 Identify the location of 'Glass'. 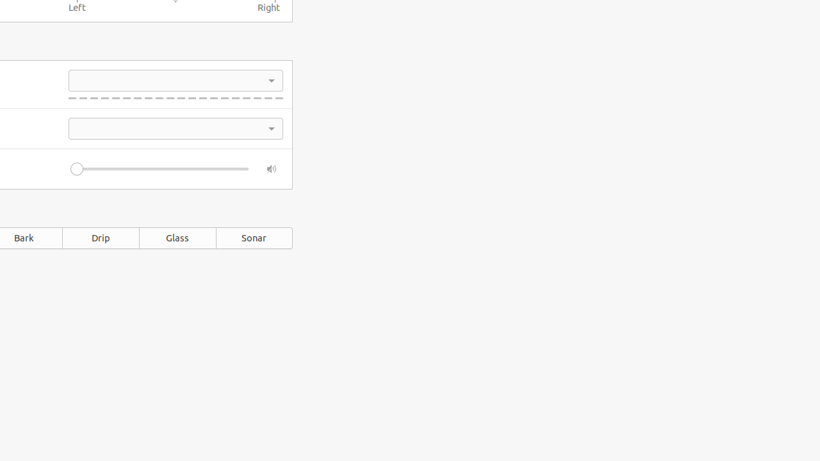
(176, 238).